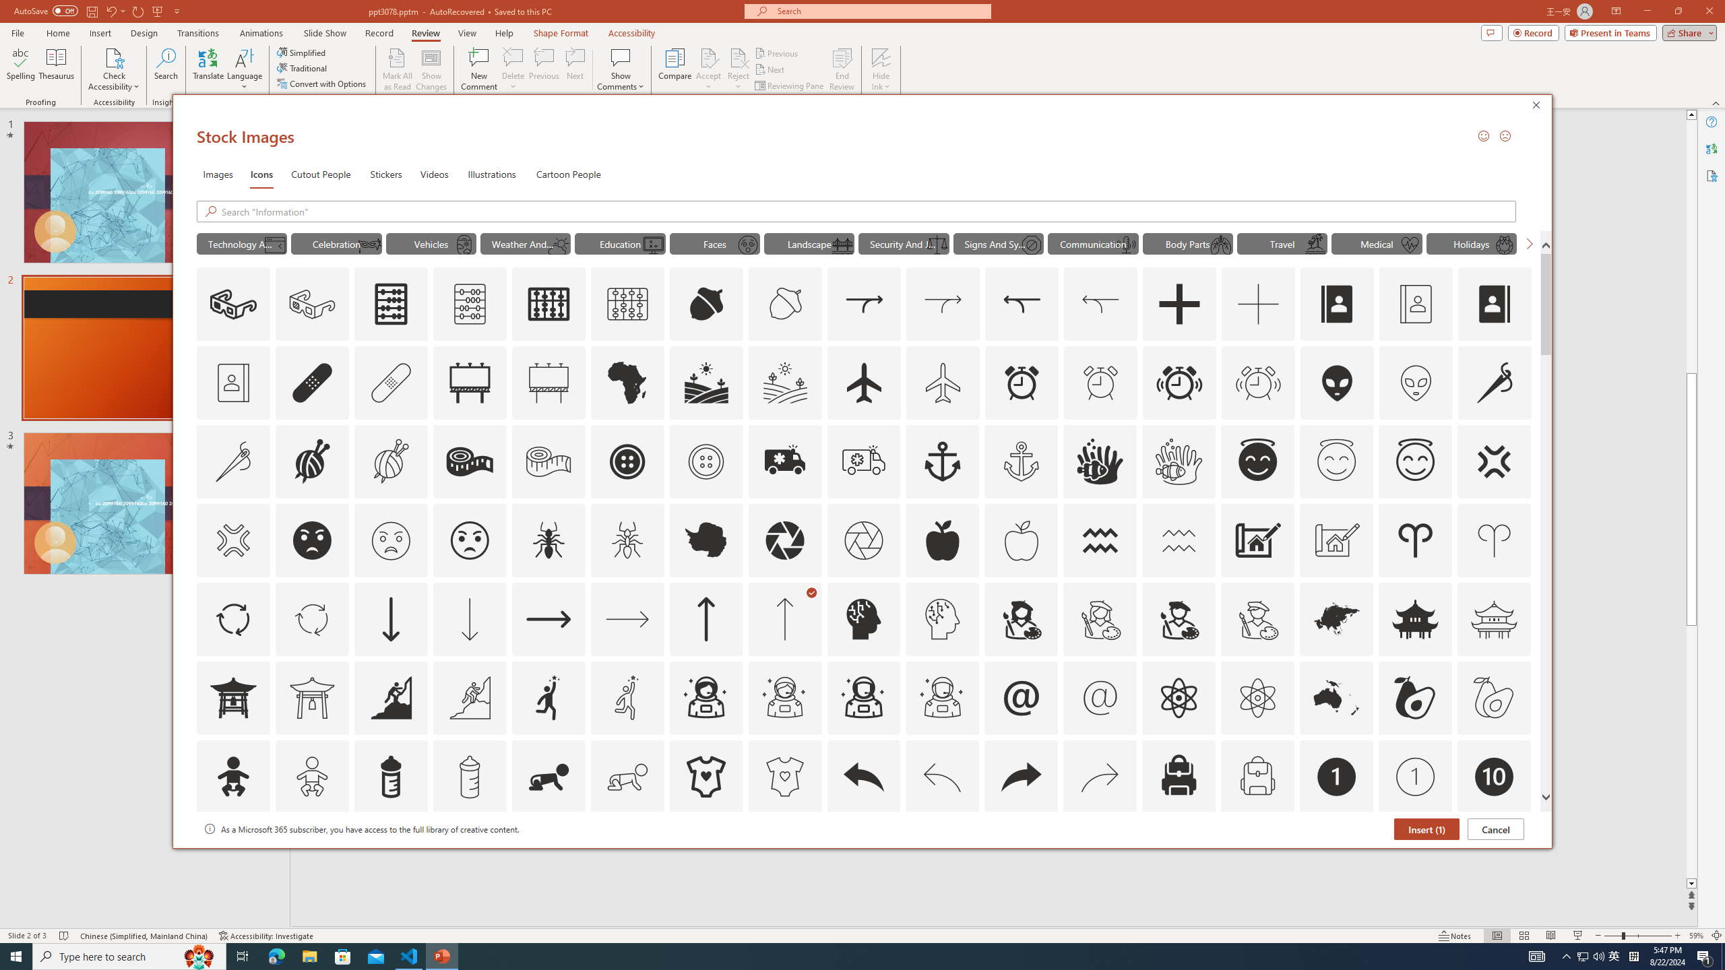  What do you see at coordinates (1179, 382) in the screenshot?
I see `'AutomationID: Icons_AlarmRinging'` at bounding box center [1179, 382].